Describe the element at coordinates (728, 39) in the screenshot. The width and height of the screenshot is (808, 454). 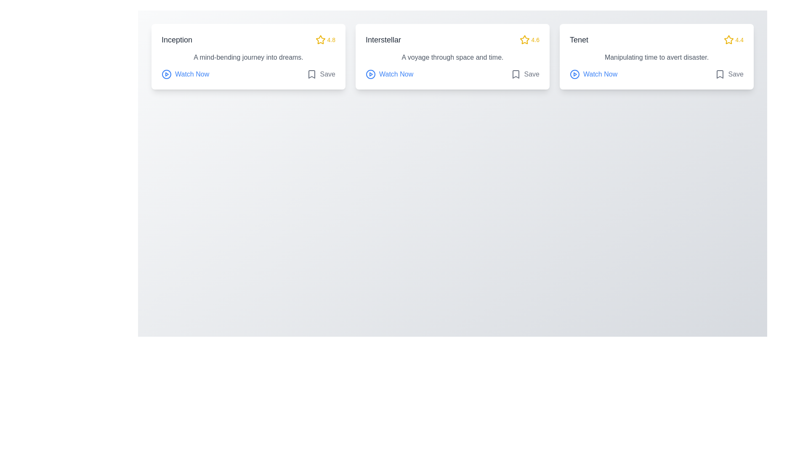
I see `the star-shaped rating icon located at the top right corner of the movie 'Tenet' card to indicate a rating` at that location.